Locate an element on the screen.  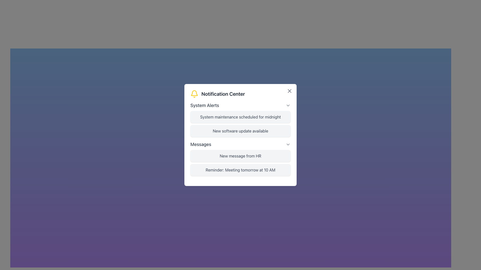
the Notification card that informs the user of a new message from HR, located in the 'Messages' section of the 'Notification Center' is located at coordinates (241, 156).